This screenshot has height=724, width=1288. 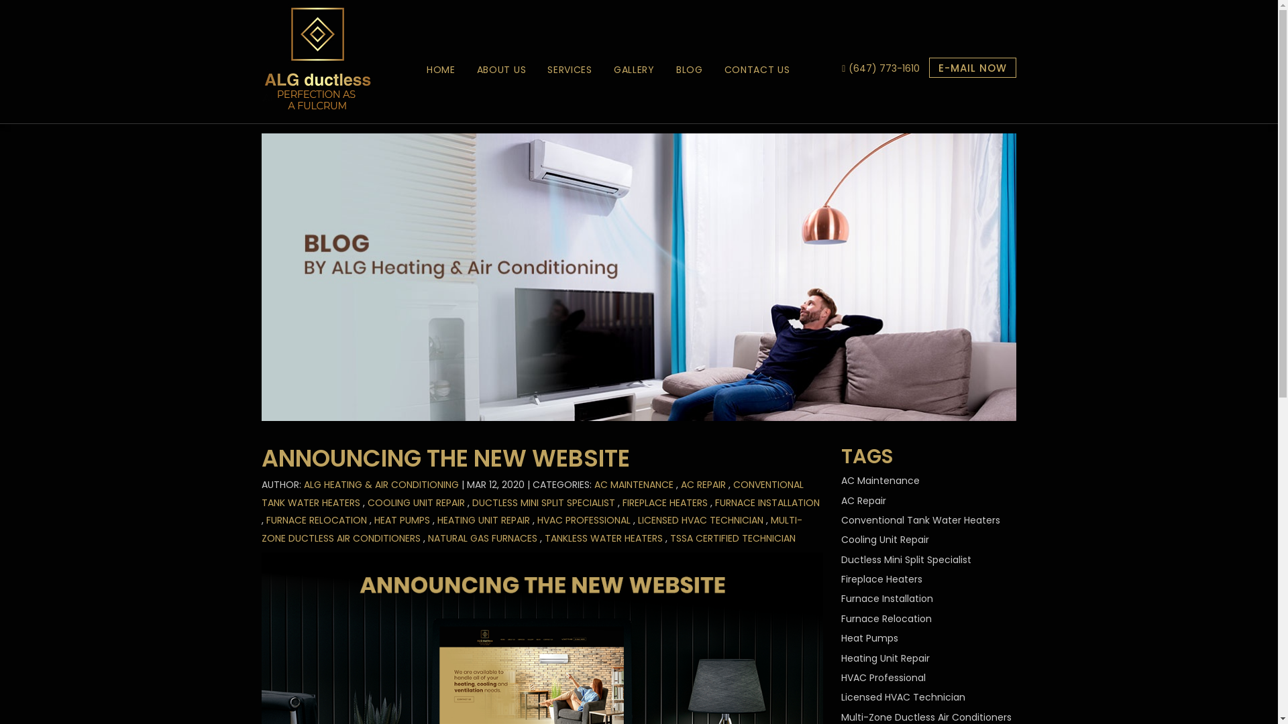 I want to click on 'E-MAIL NOW', so click(x=972, y=67).